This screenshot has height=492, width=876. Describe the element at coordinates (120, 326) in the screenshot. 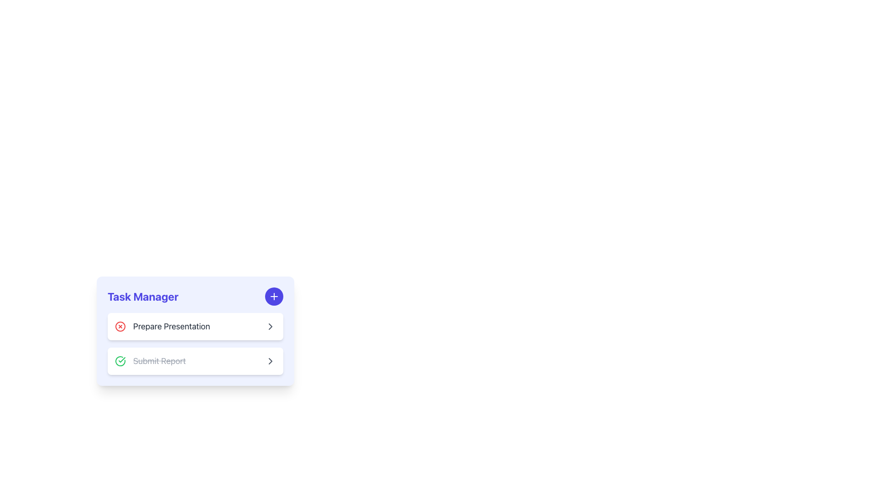

I see `the SVG Circle that indicates a canceled or invalid task, located inside the 'Prepare Presentation' task item in the 'Task Manager' section` at that location.